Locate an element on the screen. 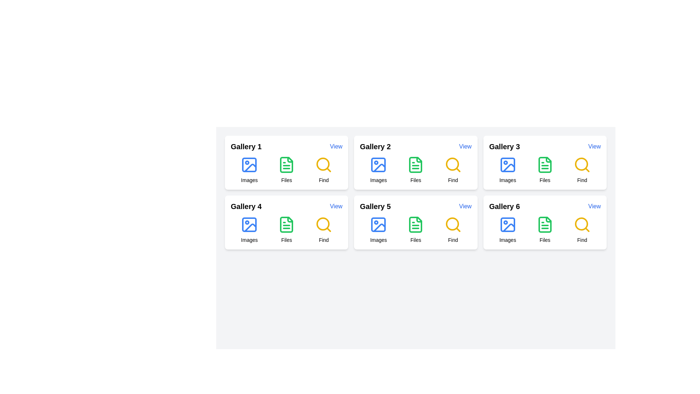  the navigational hyperlink located in the bottom-right corner of the 'Gallery 6' box is located at coordinates (594, 206).